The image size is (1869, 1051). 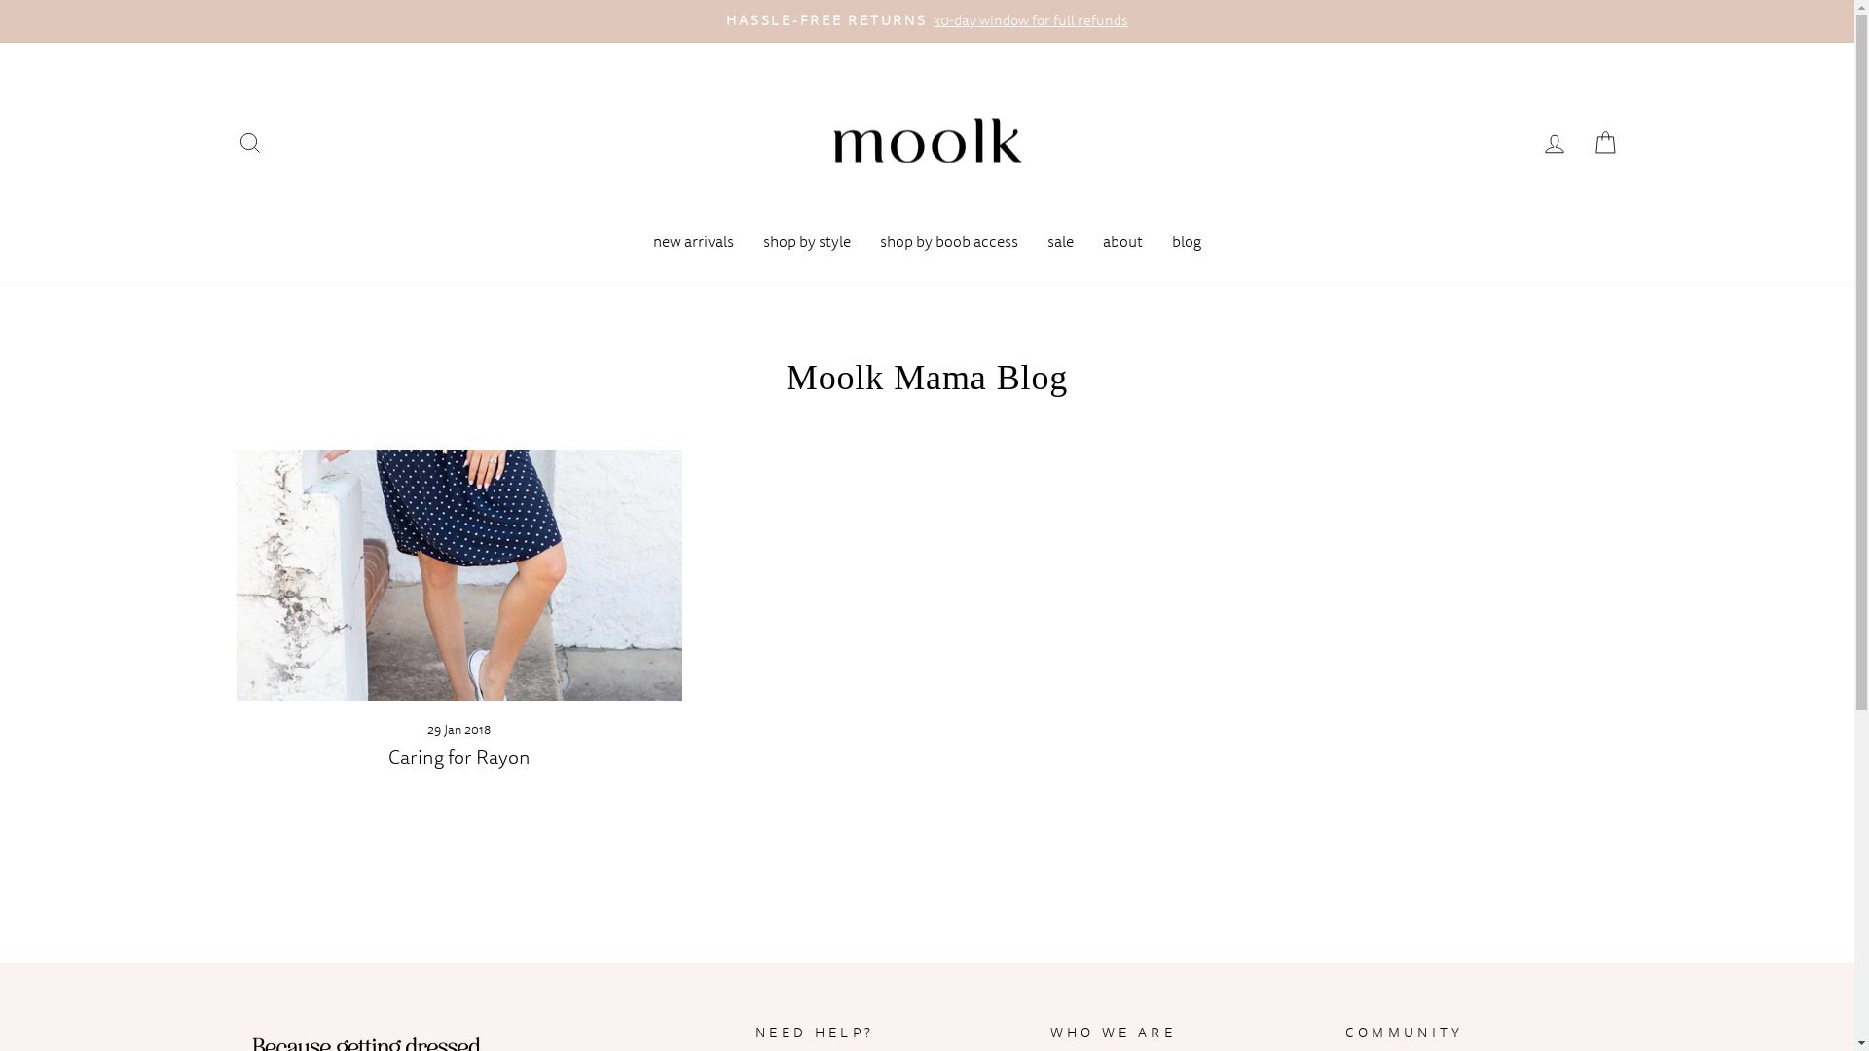 I want to click on 'about', so click(x=1122, y=242).